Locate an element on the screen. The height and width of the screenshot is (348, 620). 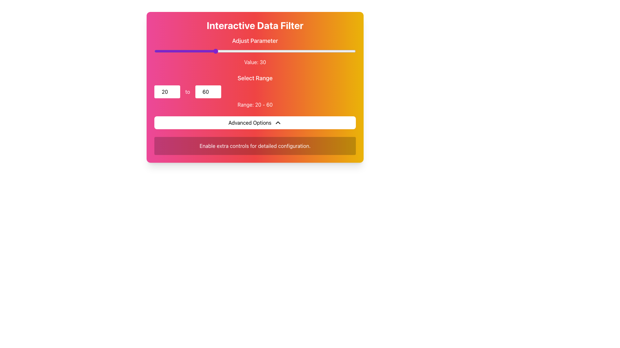
the parameter is located at coordinates (162, 51).